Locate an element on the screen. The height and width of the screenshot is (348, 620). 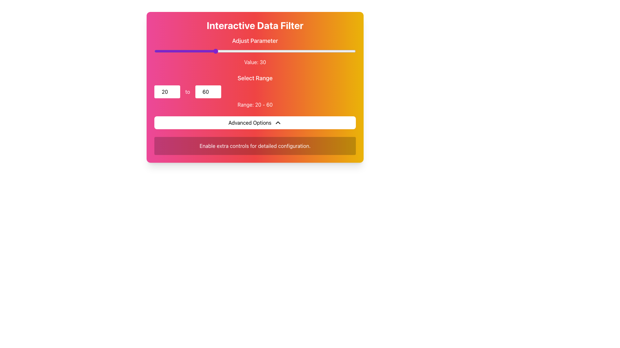
the parameter is located at coordinates (162, 51).